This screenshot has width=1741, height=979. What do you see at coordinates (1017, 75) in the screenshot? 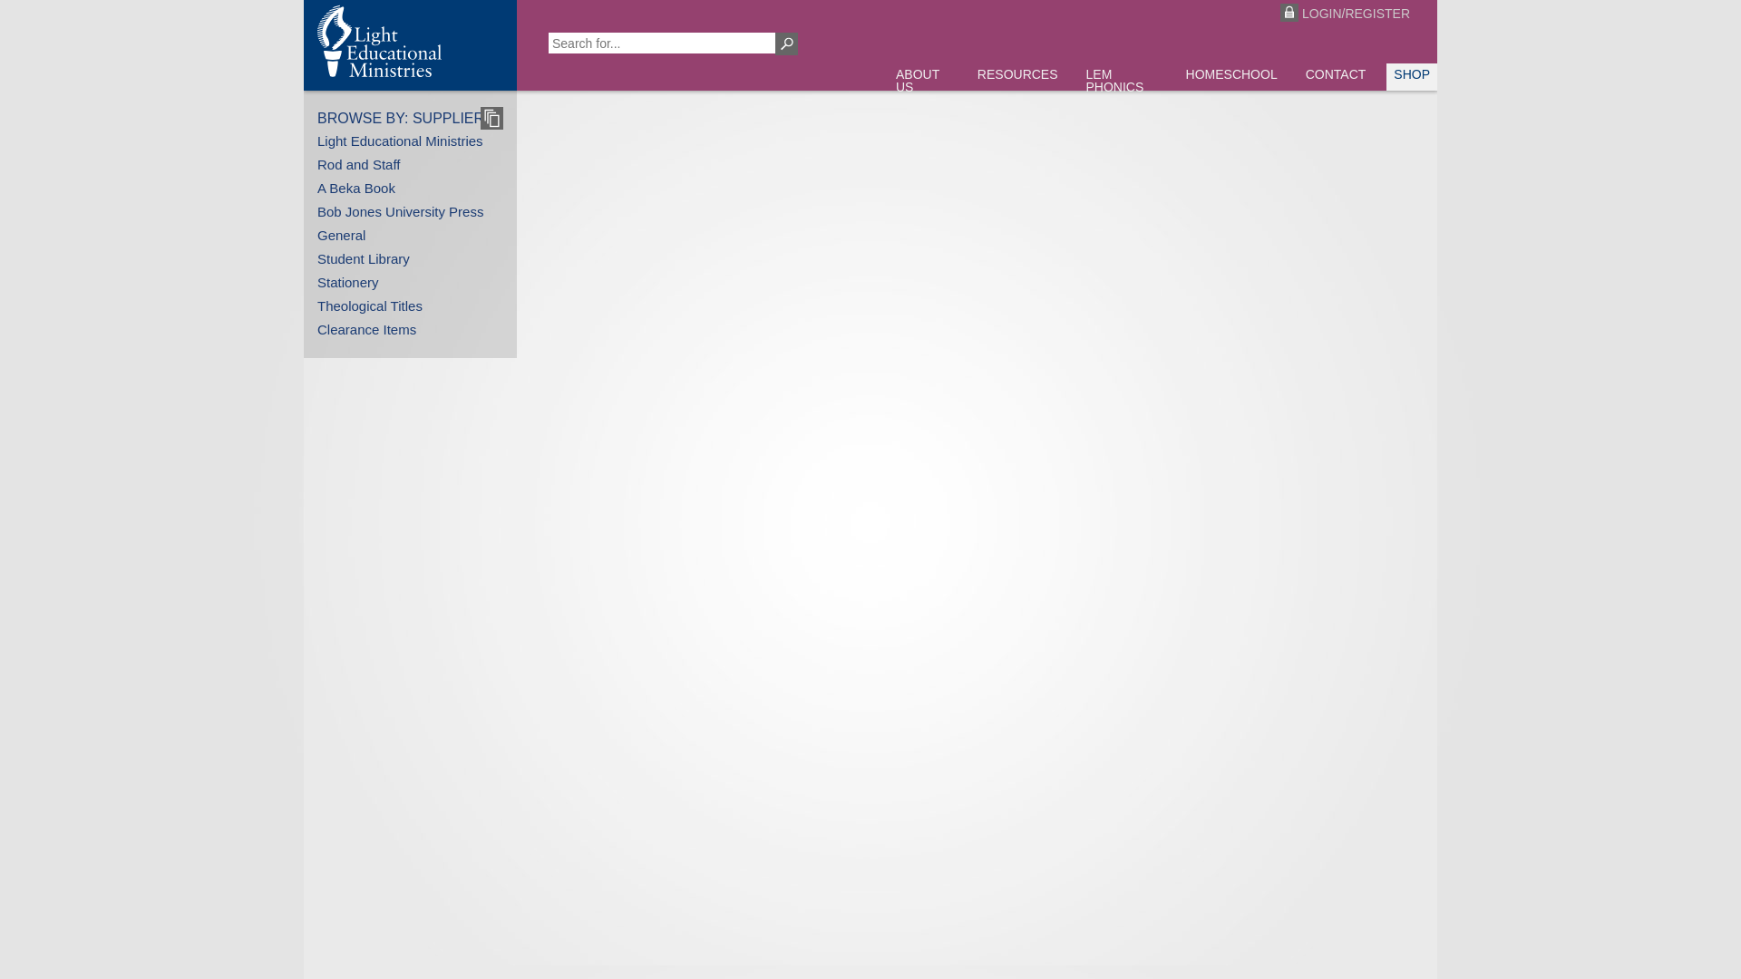
I see `'RESOURCES'` at bounding box center [1017, 75].